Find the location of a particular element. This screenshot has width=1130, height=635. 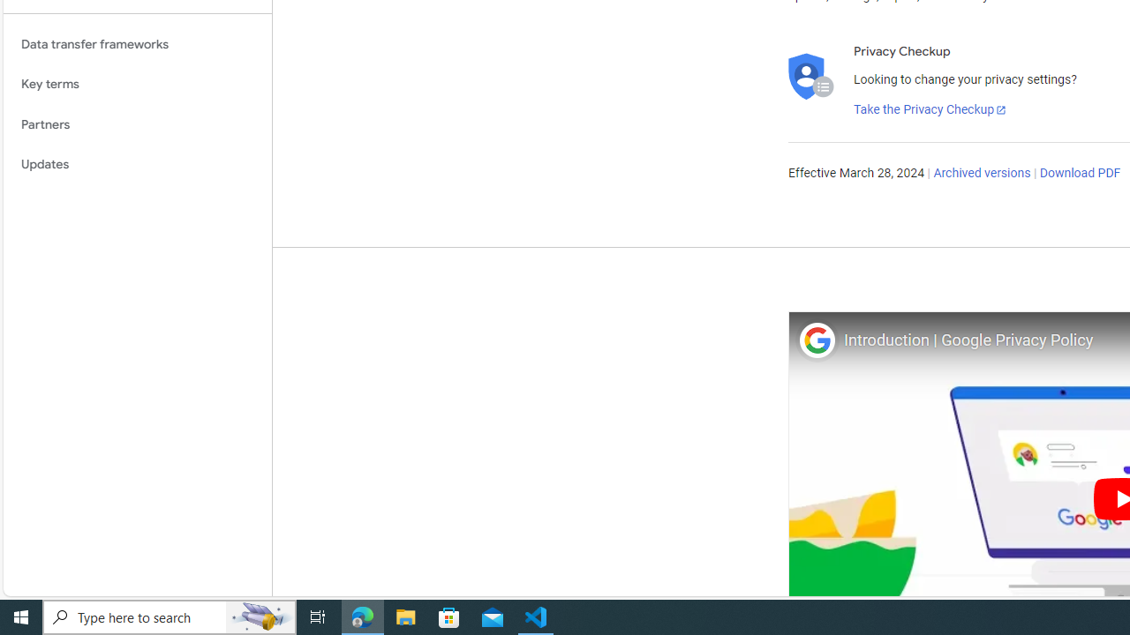

'Archived versions' is located at coordinates (981, 173).